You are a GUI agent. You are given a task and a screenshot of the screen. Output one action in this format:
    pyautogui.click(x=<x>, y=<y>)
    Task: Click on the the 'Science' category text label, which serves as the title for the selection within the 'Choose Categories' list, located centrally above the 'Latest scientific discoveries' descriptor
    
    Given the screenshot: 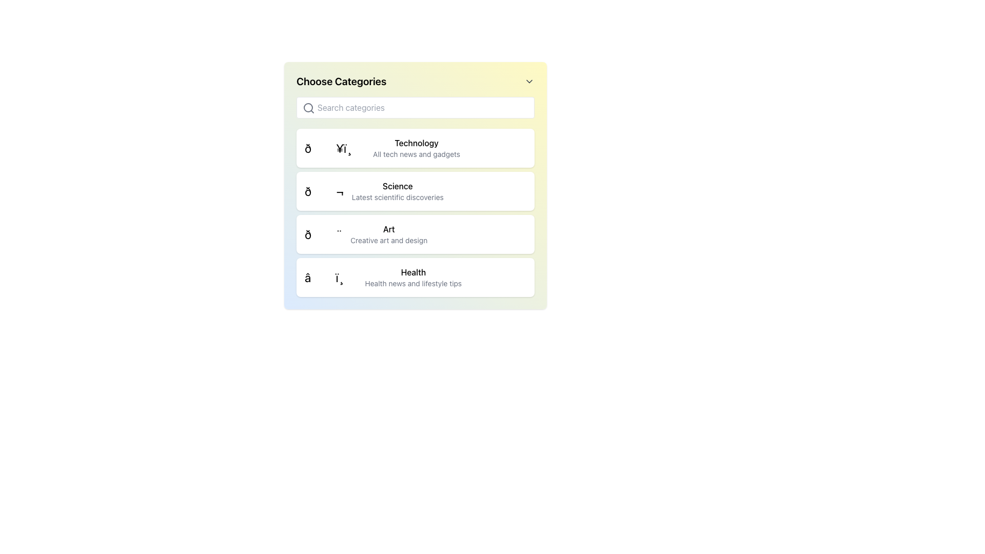 What is the action you would take?
    pyautogui.click(x=397, y=186)
    